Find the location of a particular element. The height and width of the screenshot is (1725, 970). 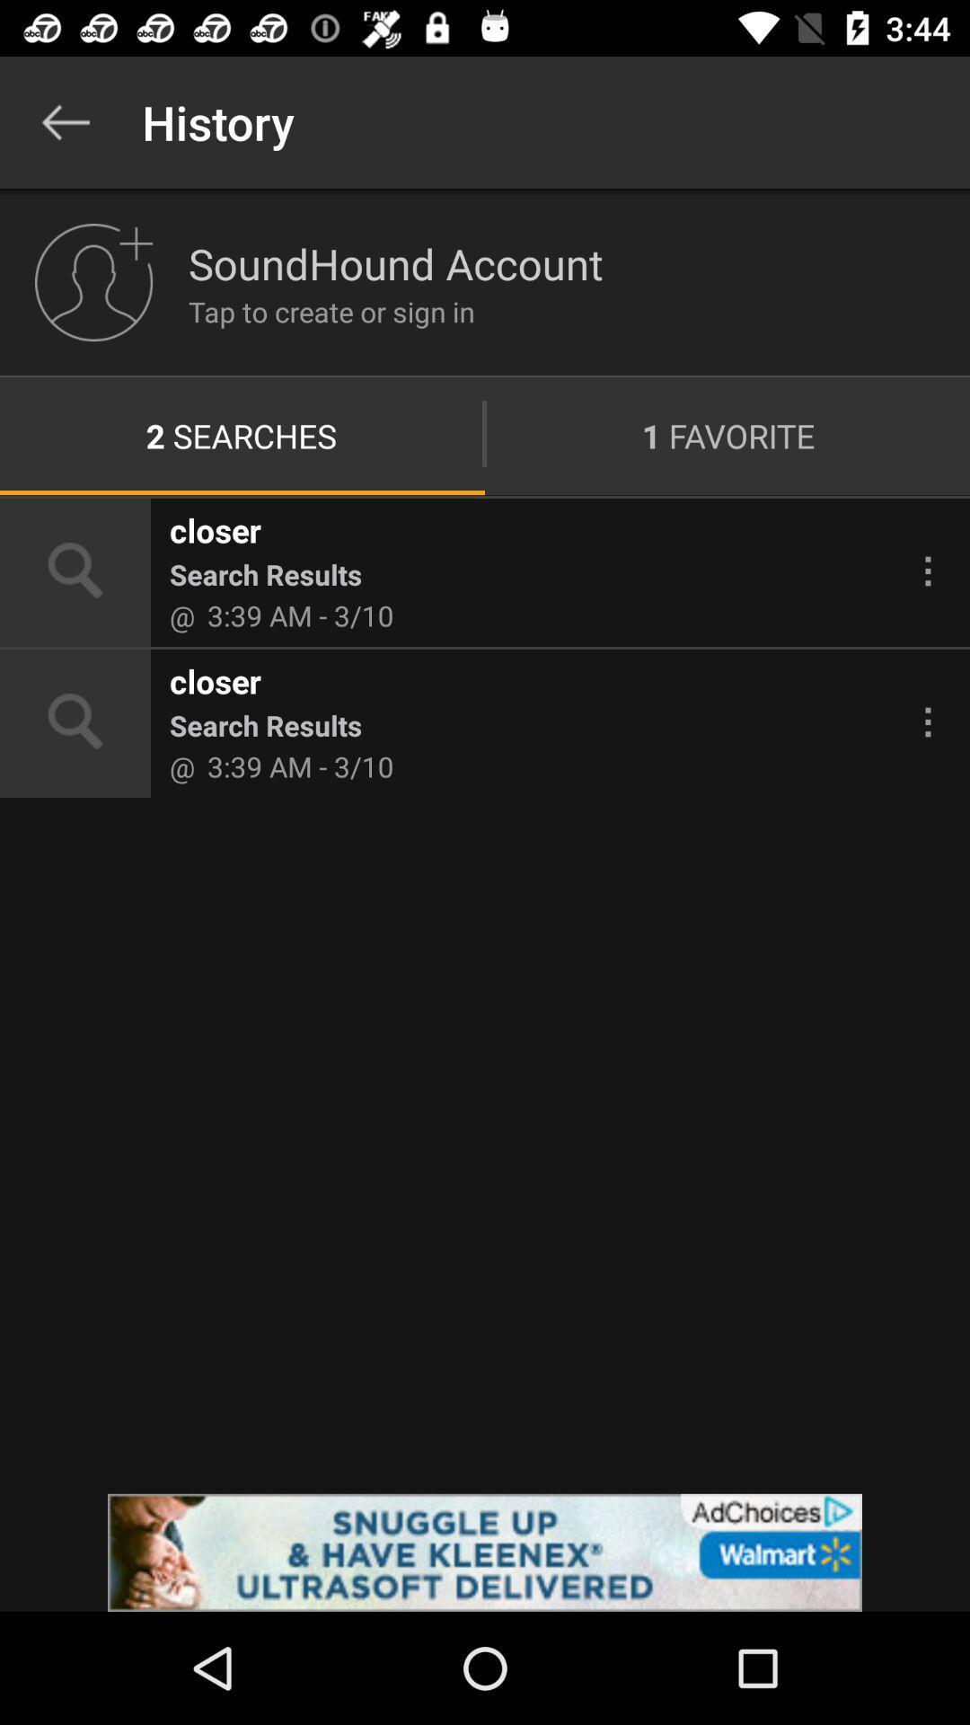

the more icon is located at coordinates (928, 721).